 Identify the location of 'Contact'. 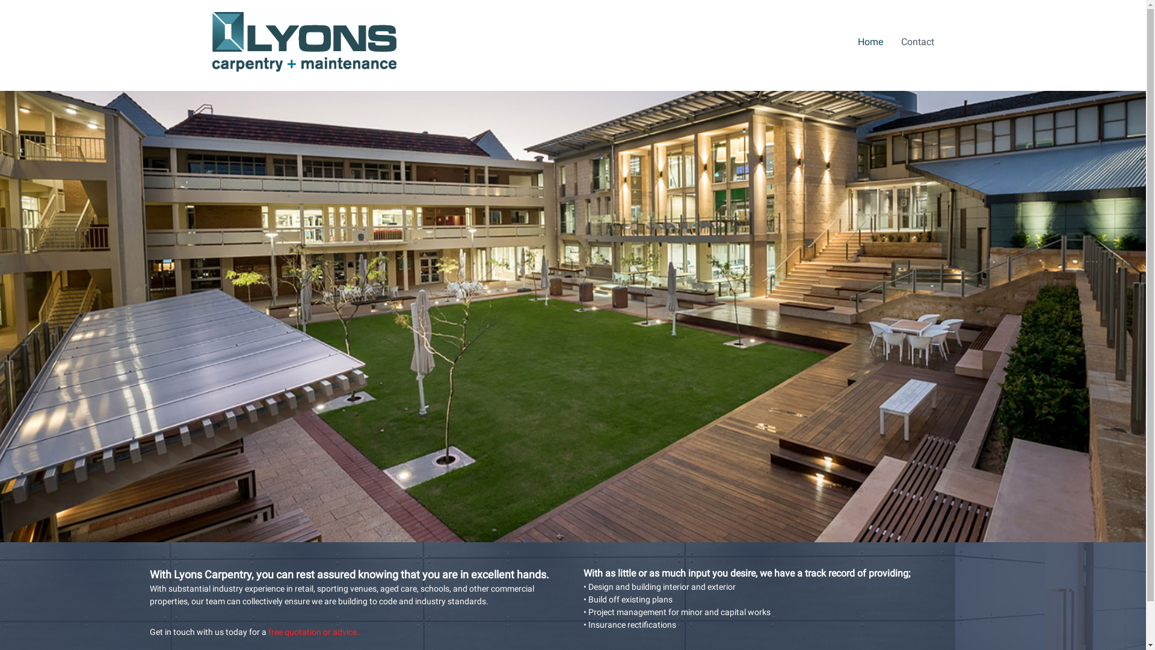
(901, 41).